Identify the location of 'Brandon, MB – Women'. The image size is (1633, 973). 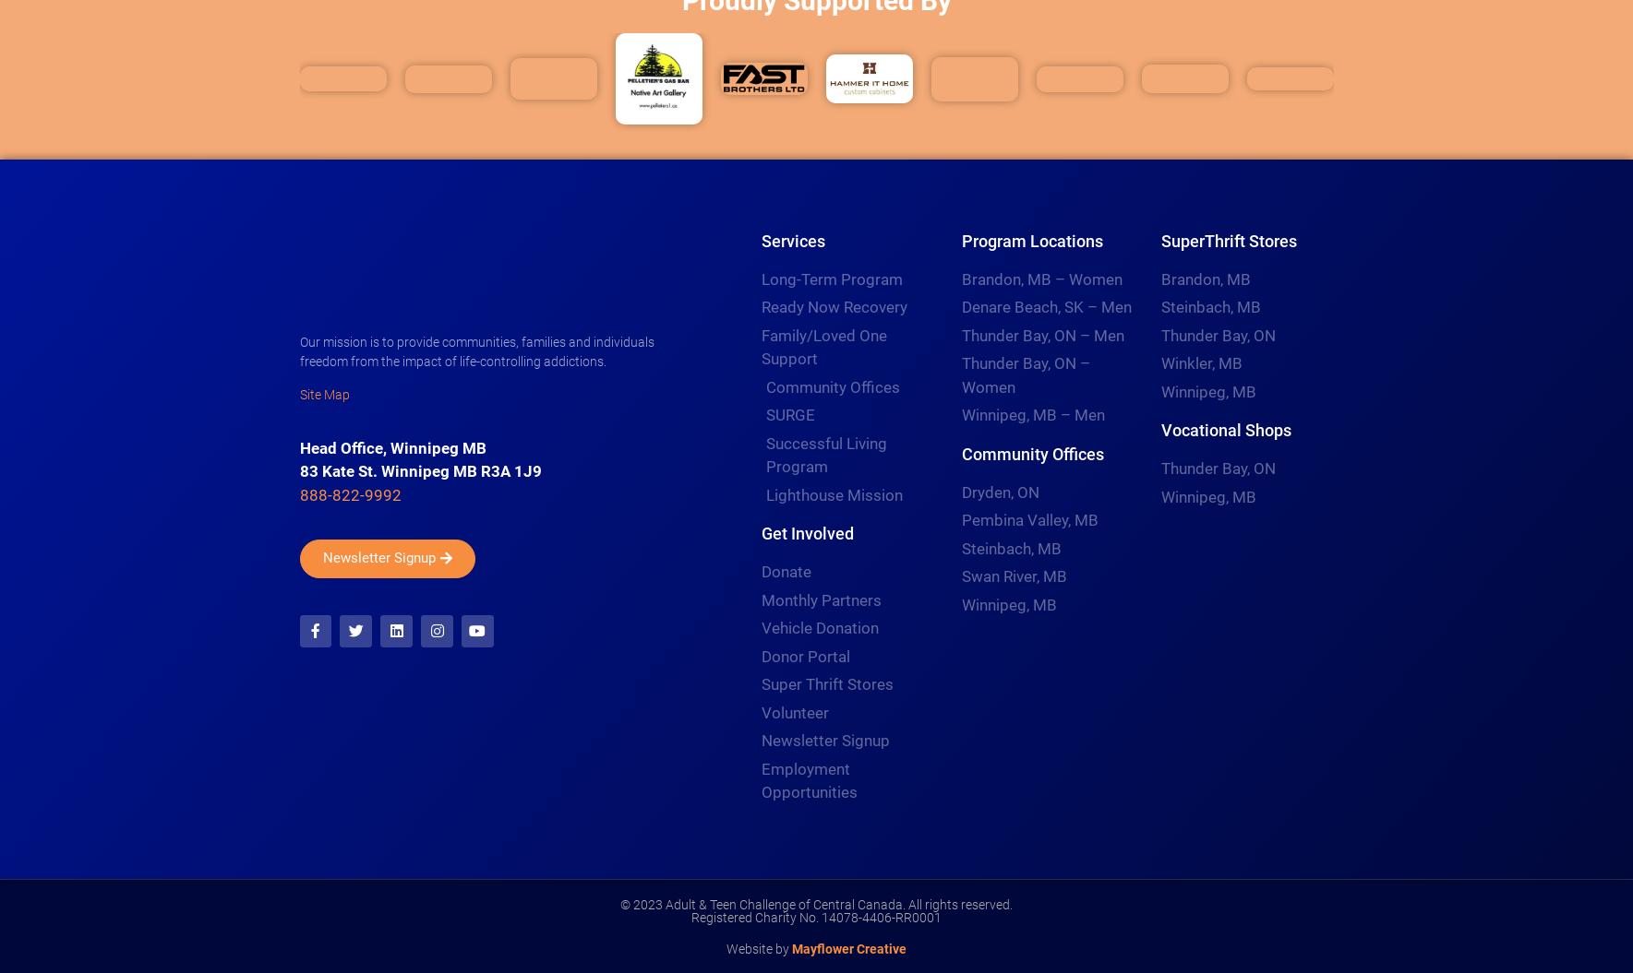
(1039, 278).